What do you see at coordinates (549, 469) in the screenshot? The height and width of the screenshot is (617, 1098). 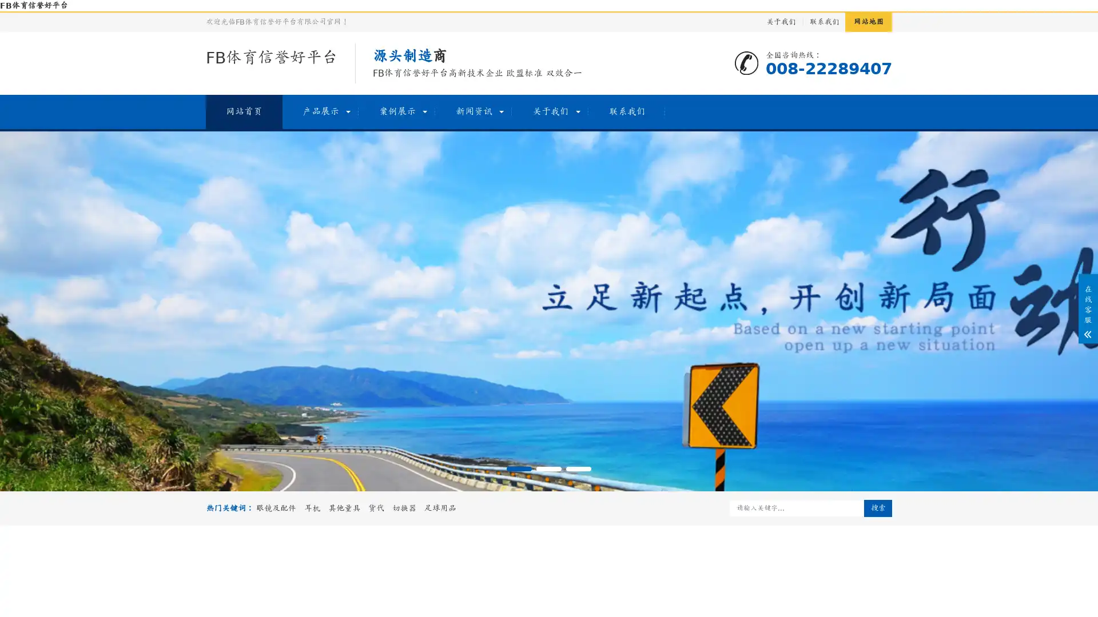 I see `Go to slide 2` at bounding box center [549, 469].